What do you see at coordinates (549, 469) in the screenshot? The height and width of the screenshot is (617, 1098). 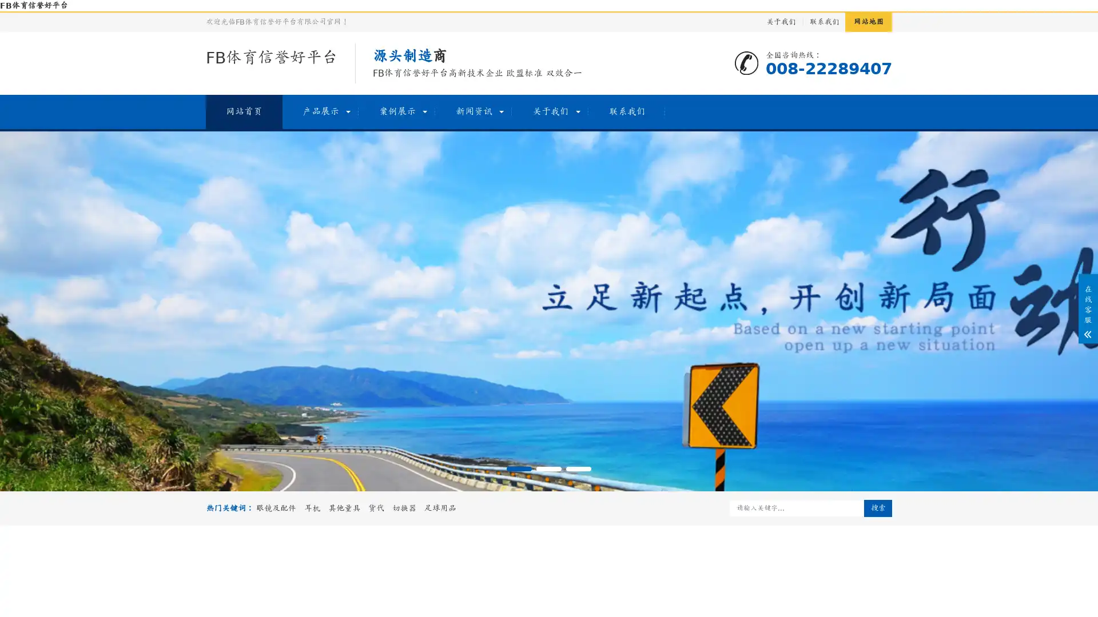 I see `Go to slide 2` at bounding box center [549, 469].